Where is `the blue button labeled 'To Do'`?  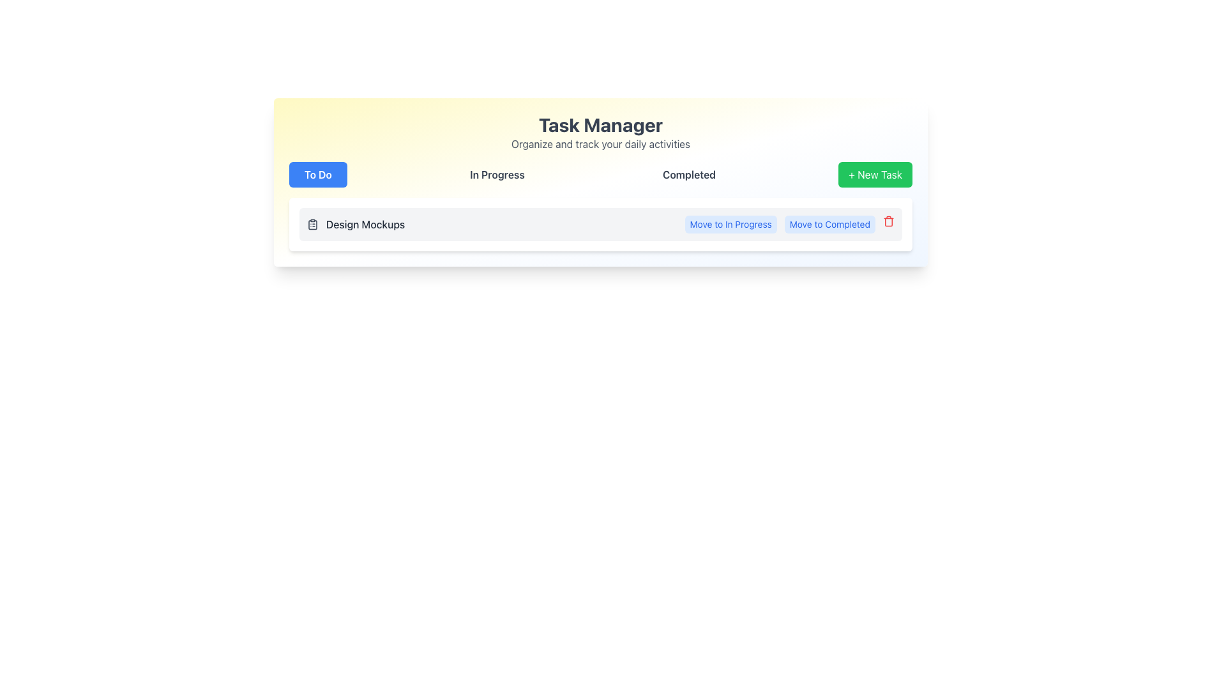
the blue button labeled 'To Do' is located at coordinates (318, 174).